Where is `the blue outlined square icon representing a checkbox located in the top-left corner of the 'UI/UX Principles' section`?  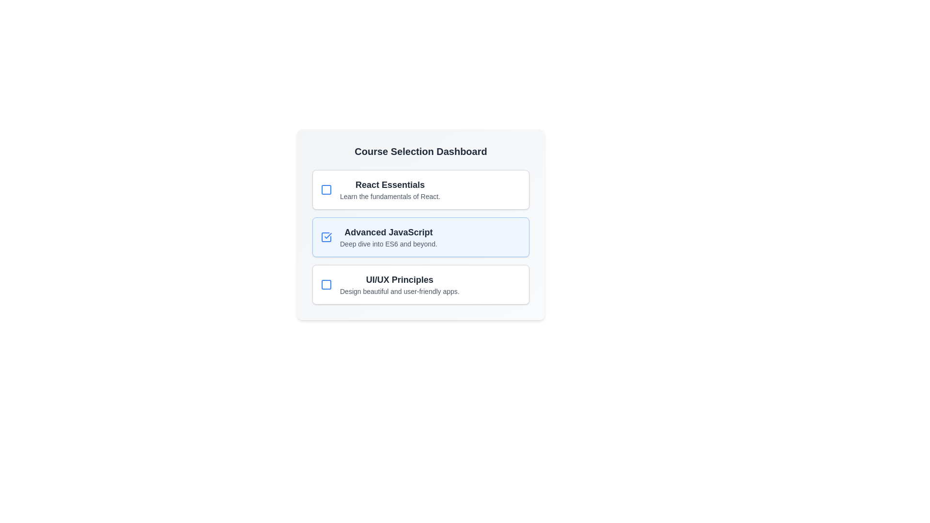
the blue outlined square icon representing a checkbox located in the top-left corner of the 'UI/UX Principles' section is located at coordinates (326, 284).